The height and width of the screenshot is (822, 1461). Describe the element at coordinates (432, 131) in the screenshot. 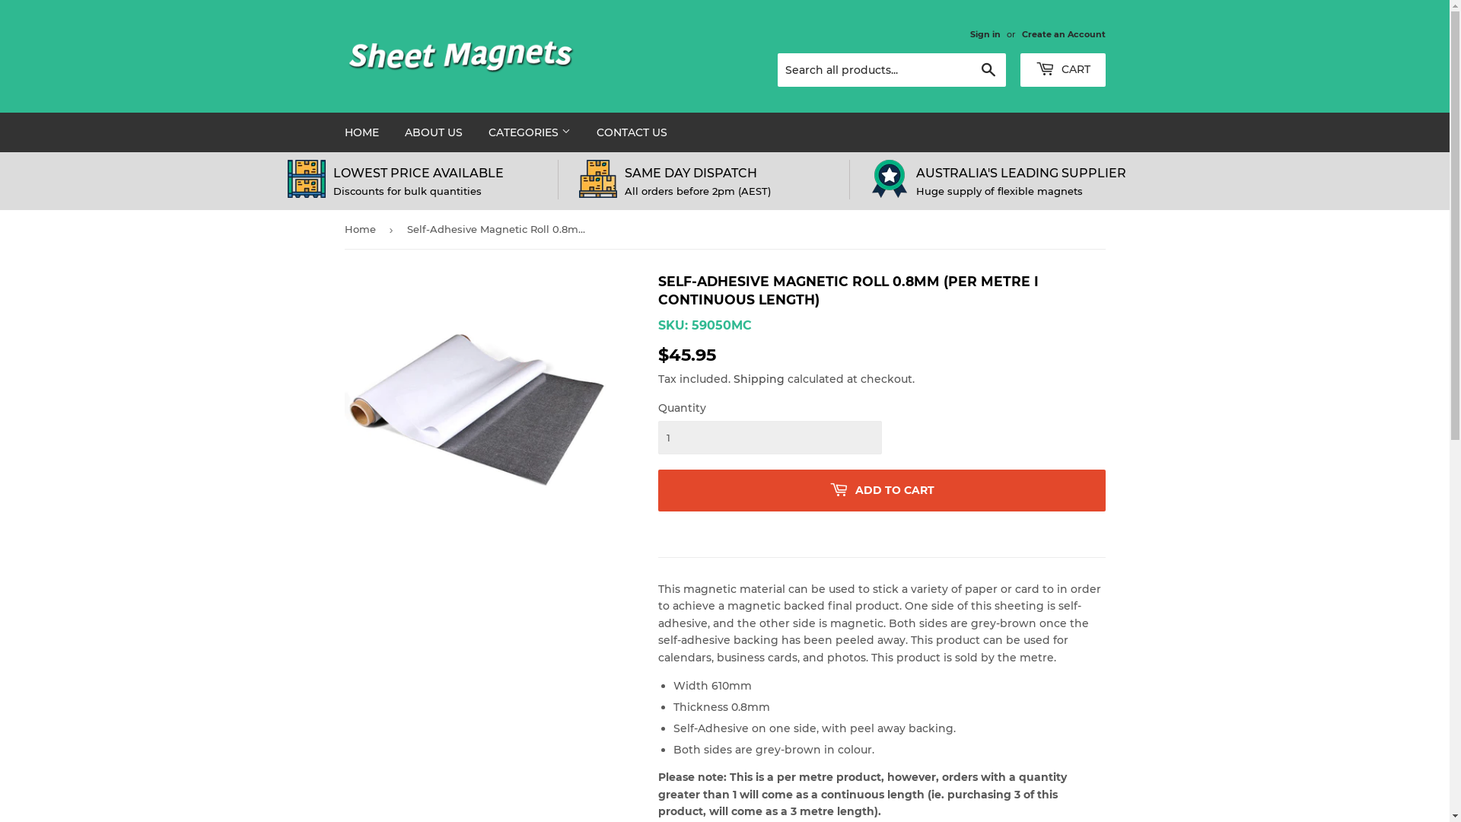

I see `'ABOUT US'` at that location.